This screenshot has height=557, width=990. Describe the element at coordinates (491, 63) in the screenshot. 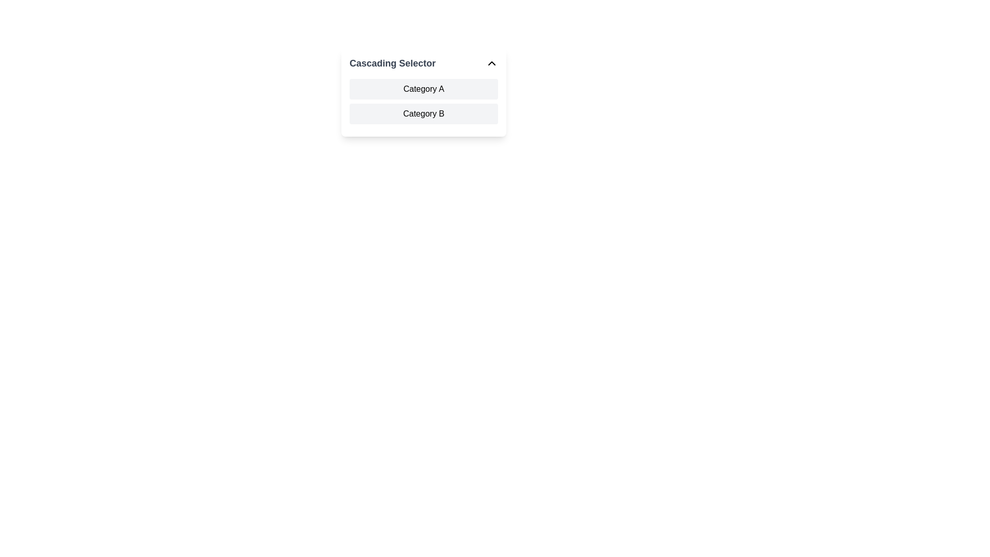

I see `the toggle indicator icon located at the far right end of the 'Cascading Selector' header to potentially reveal the dropdown menu` at that location.